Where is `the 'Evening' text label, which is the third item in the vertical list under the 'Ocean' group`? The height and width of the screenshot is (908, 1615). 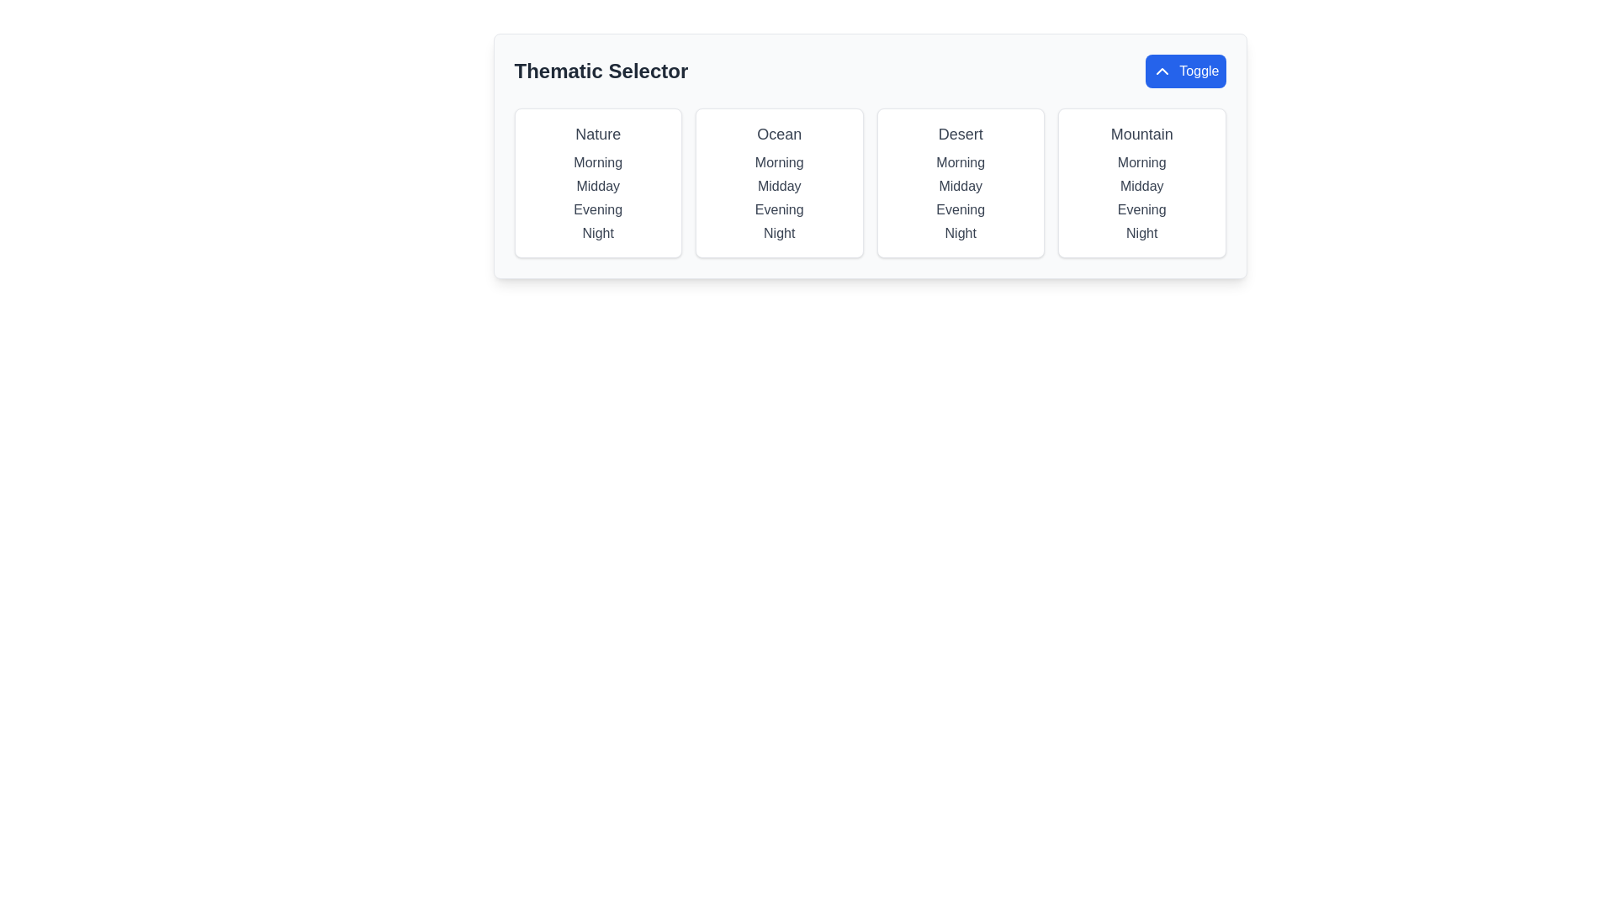
the 'Evening' text label, which is the third item in the vertical list under the 'Ocean' group is located at coordinates (778, 209).